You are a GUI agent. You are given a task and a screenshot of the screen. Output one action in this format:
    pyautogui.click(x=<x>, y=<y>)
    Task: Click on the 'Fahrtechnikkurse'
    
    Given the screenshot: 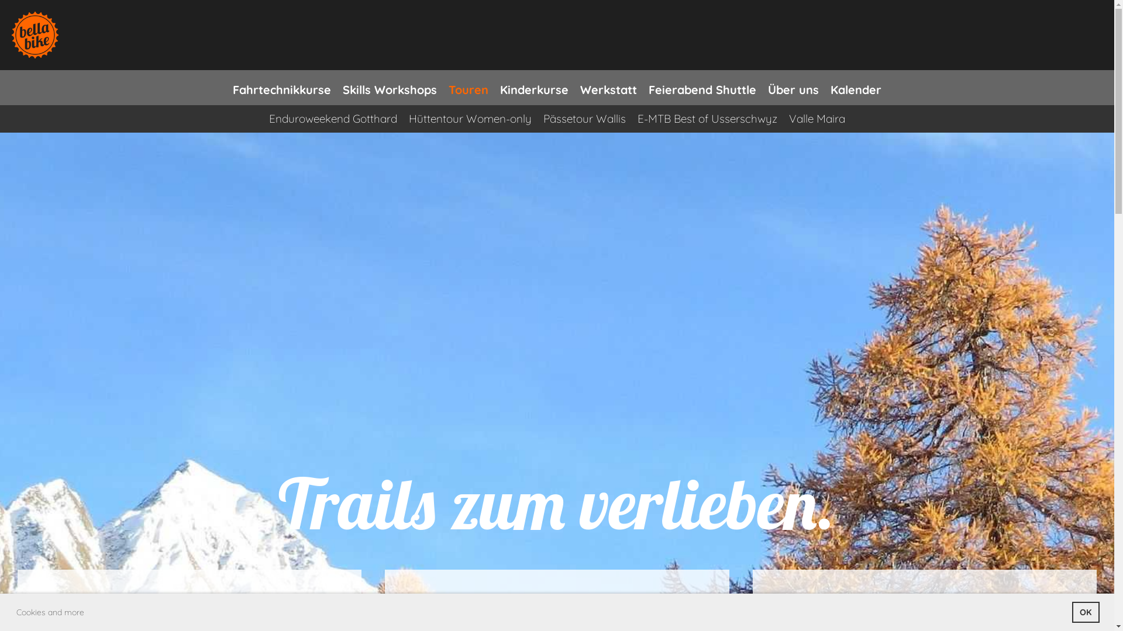 What is the action you would take?
    pyautogui.click(x=281, y=87)
    